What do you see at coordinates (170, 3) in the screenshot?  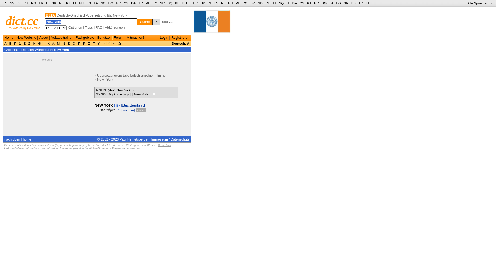 I see `'SQ'` at bounding box center [170, 3].